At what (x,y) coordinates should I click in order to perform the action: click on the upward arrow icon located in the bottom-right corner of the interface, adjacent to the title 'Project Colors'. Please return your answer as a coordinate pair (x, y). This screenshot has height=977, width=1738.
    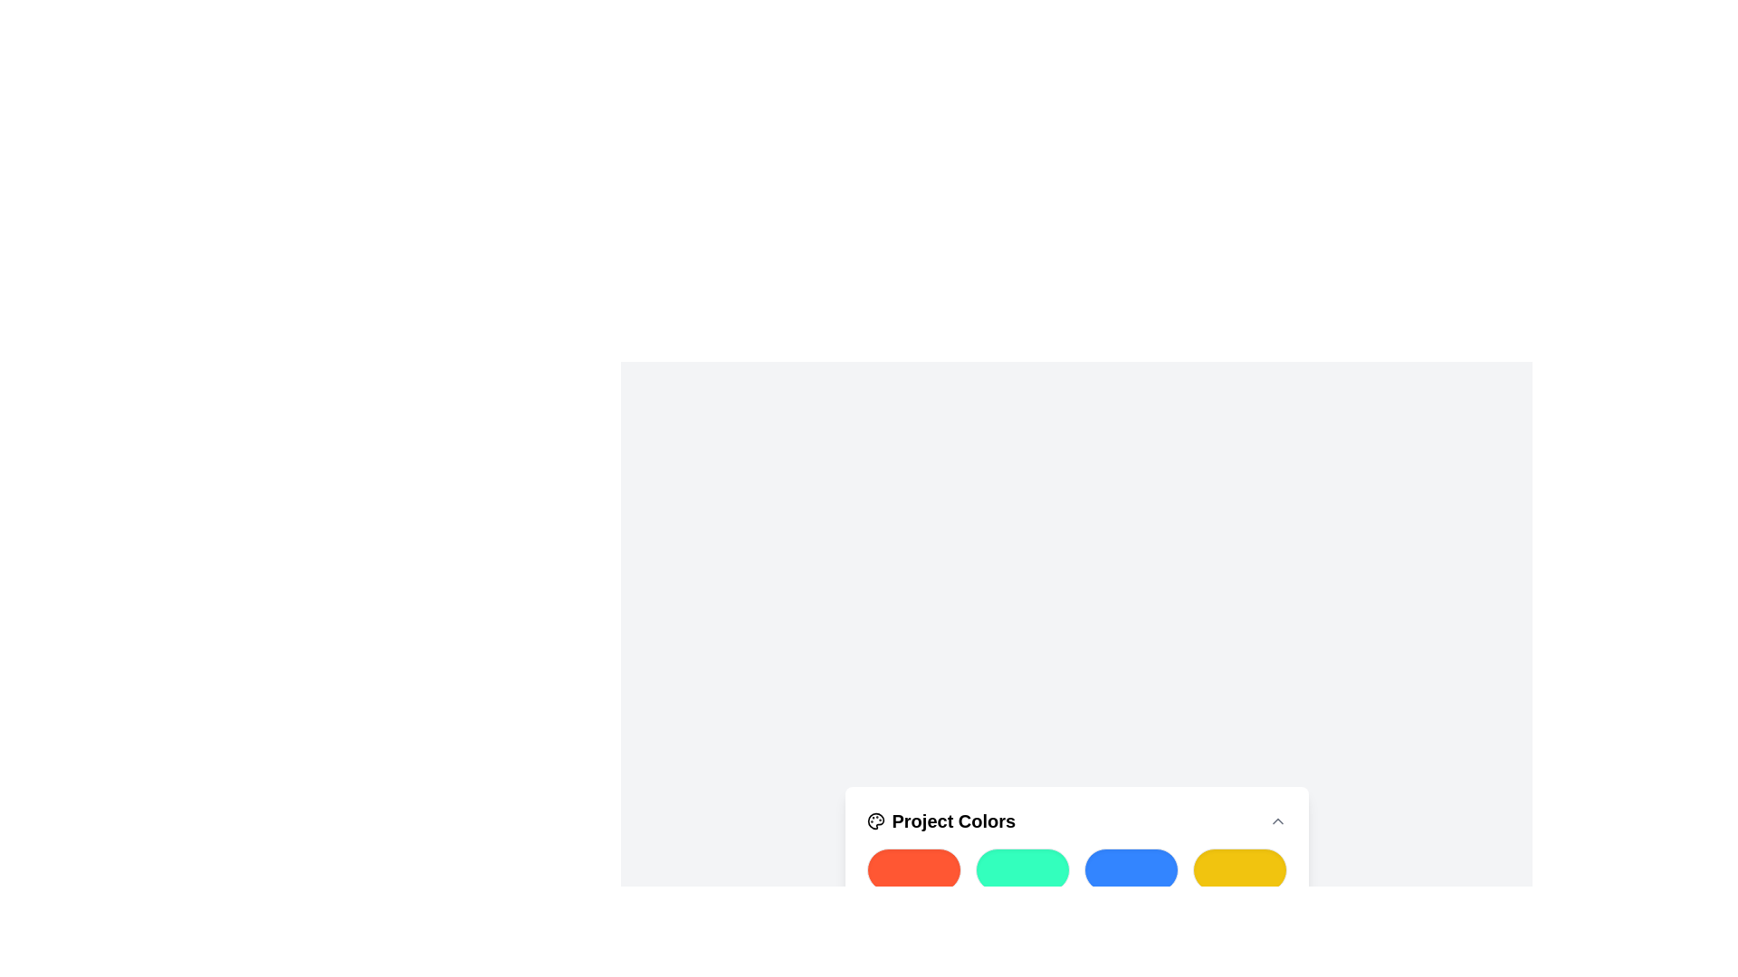
    Looking at the image, I should click on (1276, 820).